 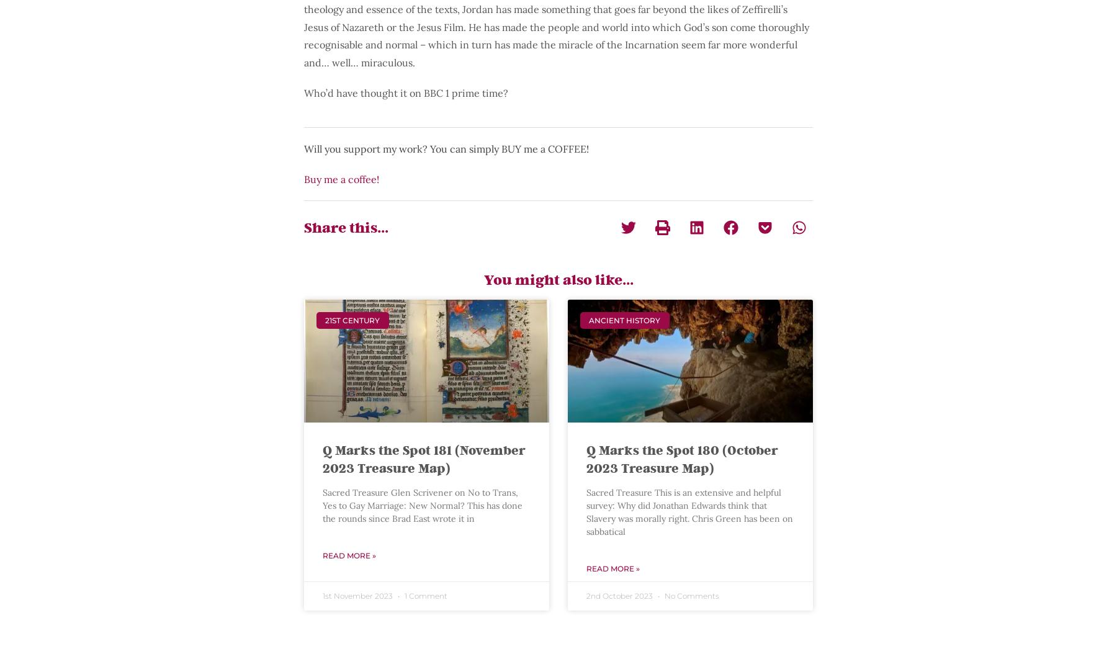 I want to click on 'Q Marks the Spot 181 (November 2023 Treasure Map)', so click(x=423, y=458).